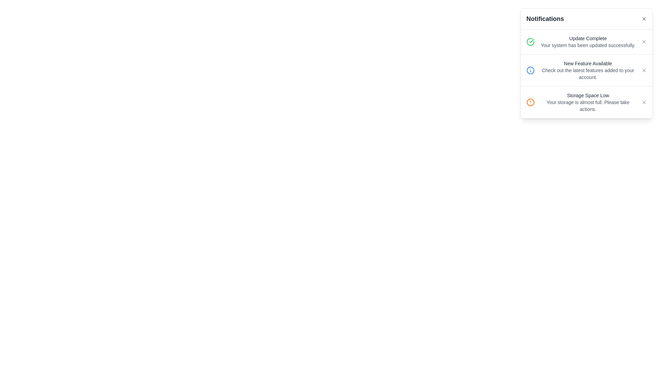  I want to click on the text block containing the message 'Update Complete' located in the notification panel, which displays a green checkmark icon to its left, so click(588, 42).